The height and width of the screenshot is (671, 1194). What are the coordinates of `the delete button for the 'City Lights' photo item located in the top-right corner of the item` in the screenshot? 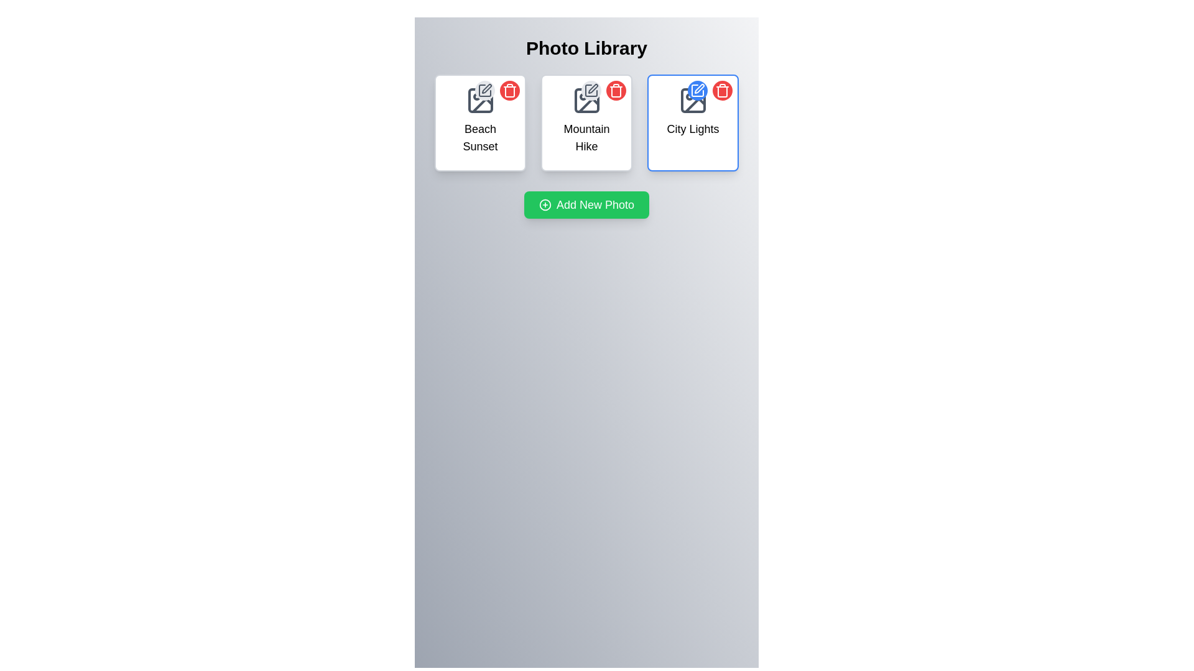 It's located at (722, 90).